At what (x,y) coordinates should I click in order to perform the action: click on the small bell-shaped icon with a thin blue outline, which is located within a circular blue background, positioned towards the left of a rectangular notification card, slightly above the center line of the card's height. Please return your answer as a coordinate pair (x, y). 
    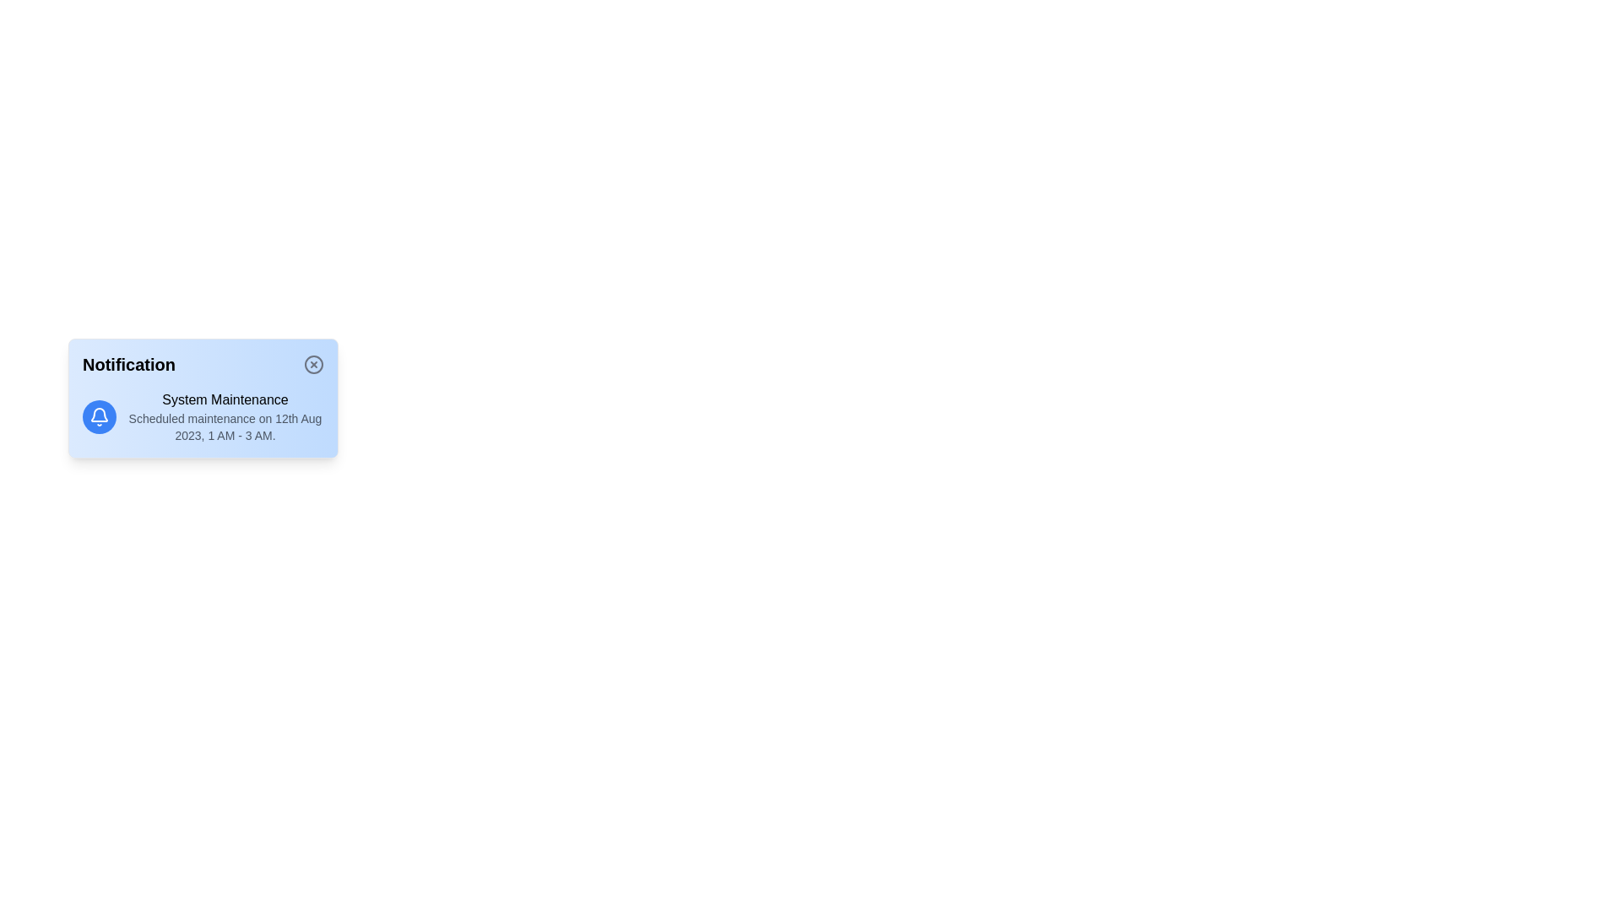
    Looking at the image, I should click on (99, 416).